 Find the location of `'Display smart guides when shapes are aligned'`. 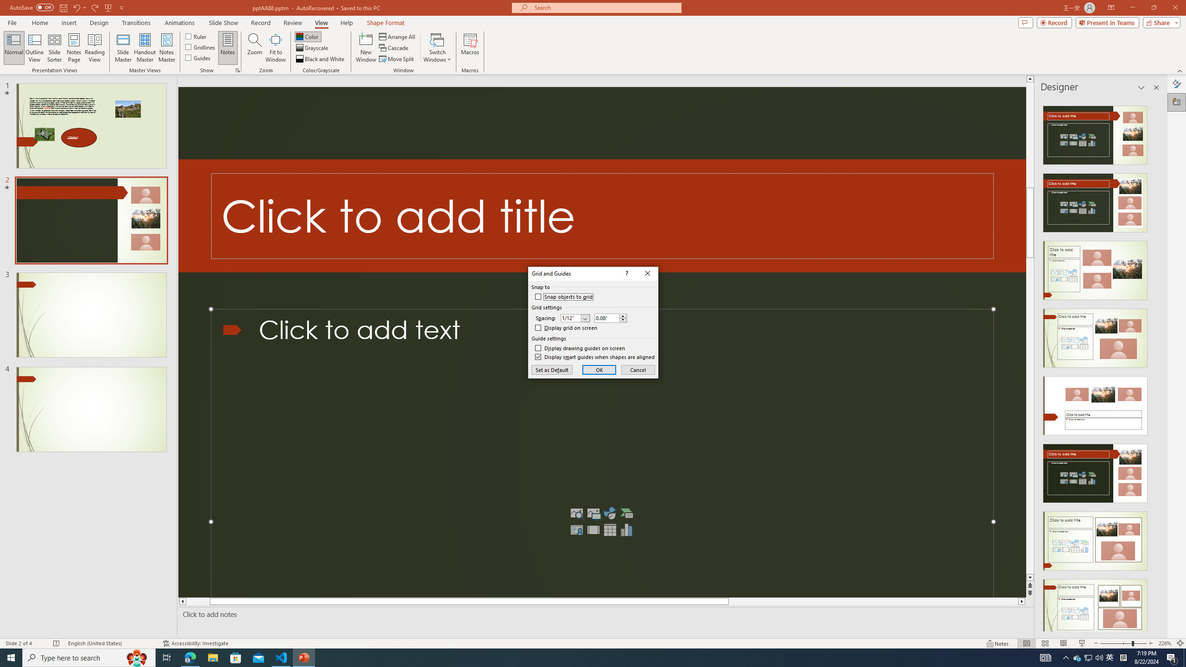

'Display smart guides when shapes are aligned' is located at coordinates (595, 357).